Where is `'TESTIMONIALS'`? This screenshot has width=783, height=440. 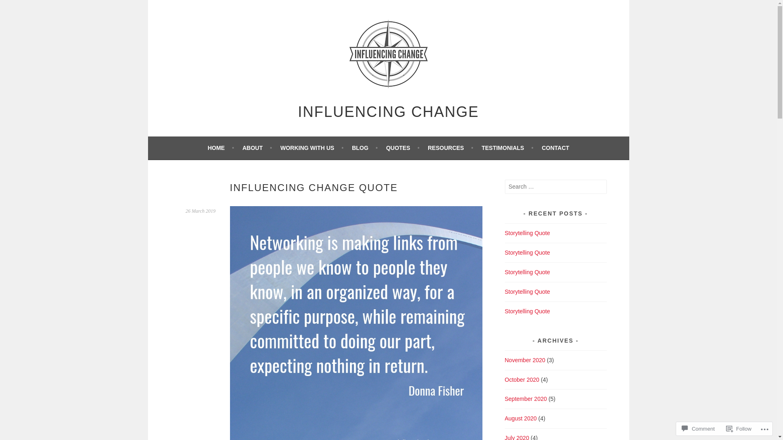
'TESTIMONIALS' is located at coordinates (507, 147).